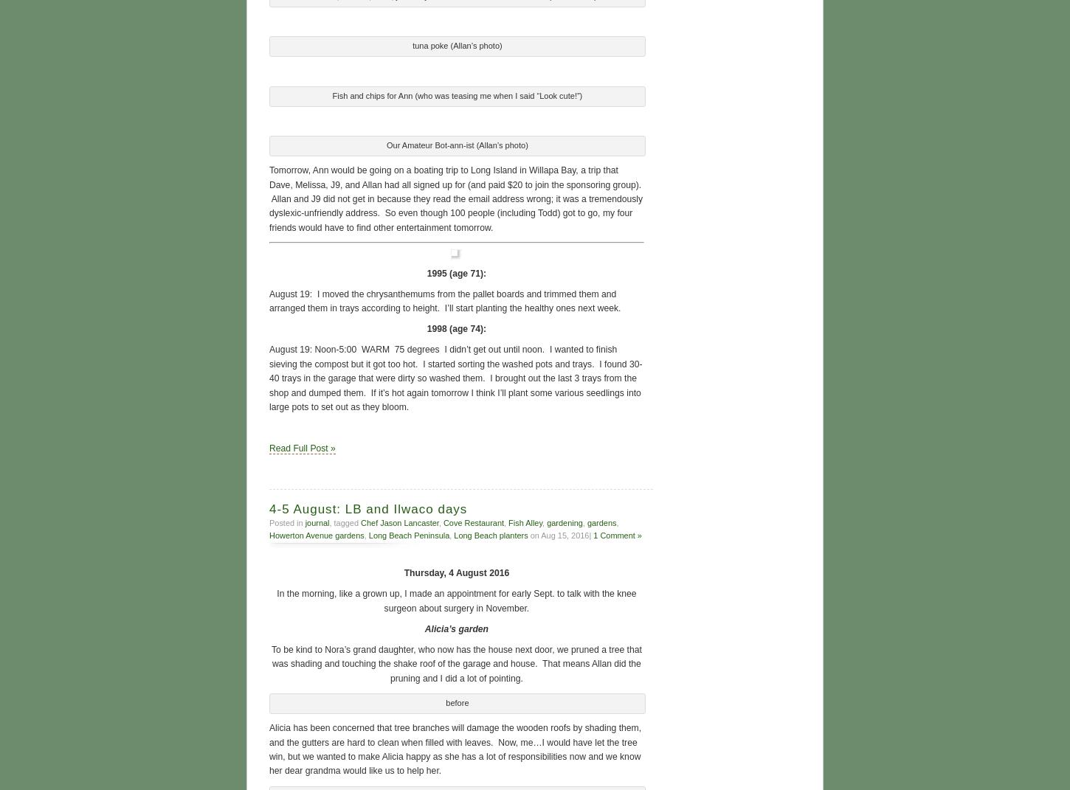  I want to click on 'tuna poke (Allan’s photo)', so click(456, 43).